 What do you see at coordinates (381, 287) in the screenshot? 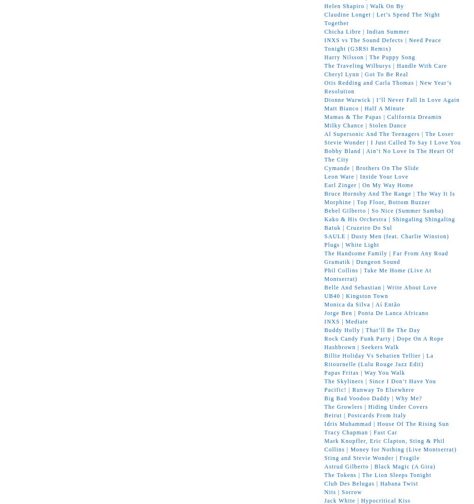
I see `'Belle And Sebastian | Write About Love'` at bounding box center [381, 287].